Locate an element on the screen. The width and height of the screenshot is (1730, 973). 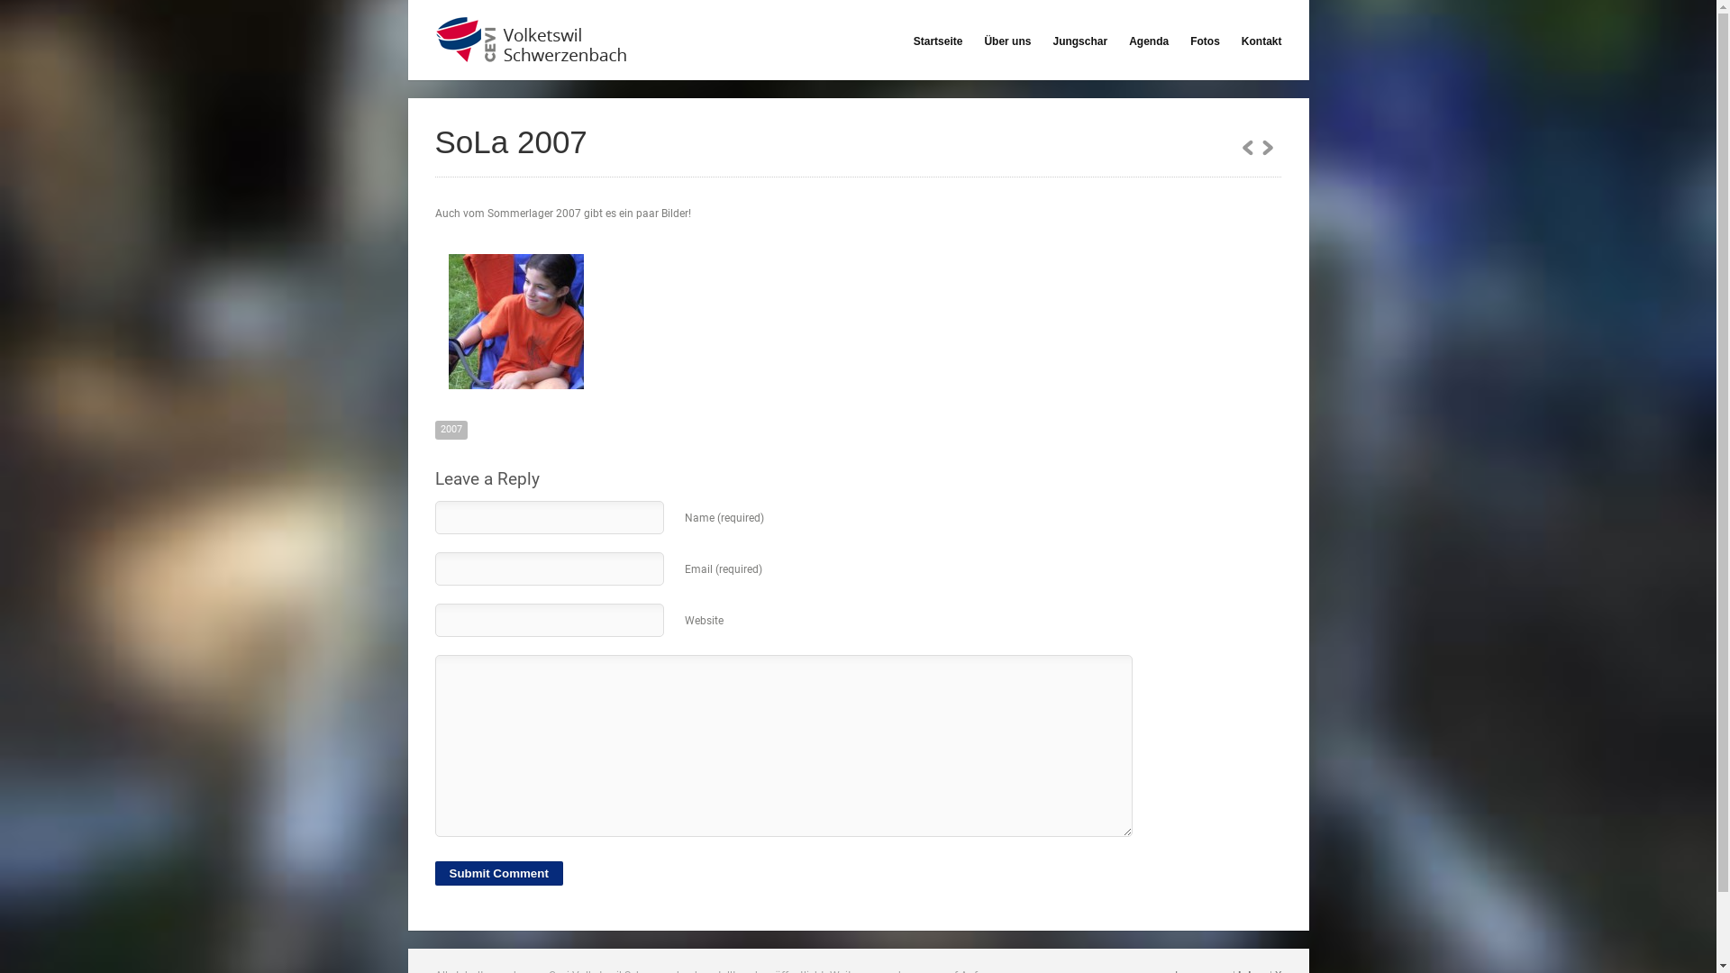
'Submit Comment' is located at coordinates (497, 872).